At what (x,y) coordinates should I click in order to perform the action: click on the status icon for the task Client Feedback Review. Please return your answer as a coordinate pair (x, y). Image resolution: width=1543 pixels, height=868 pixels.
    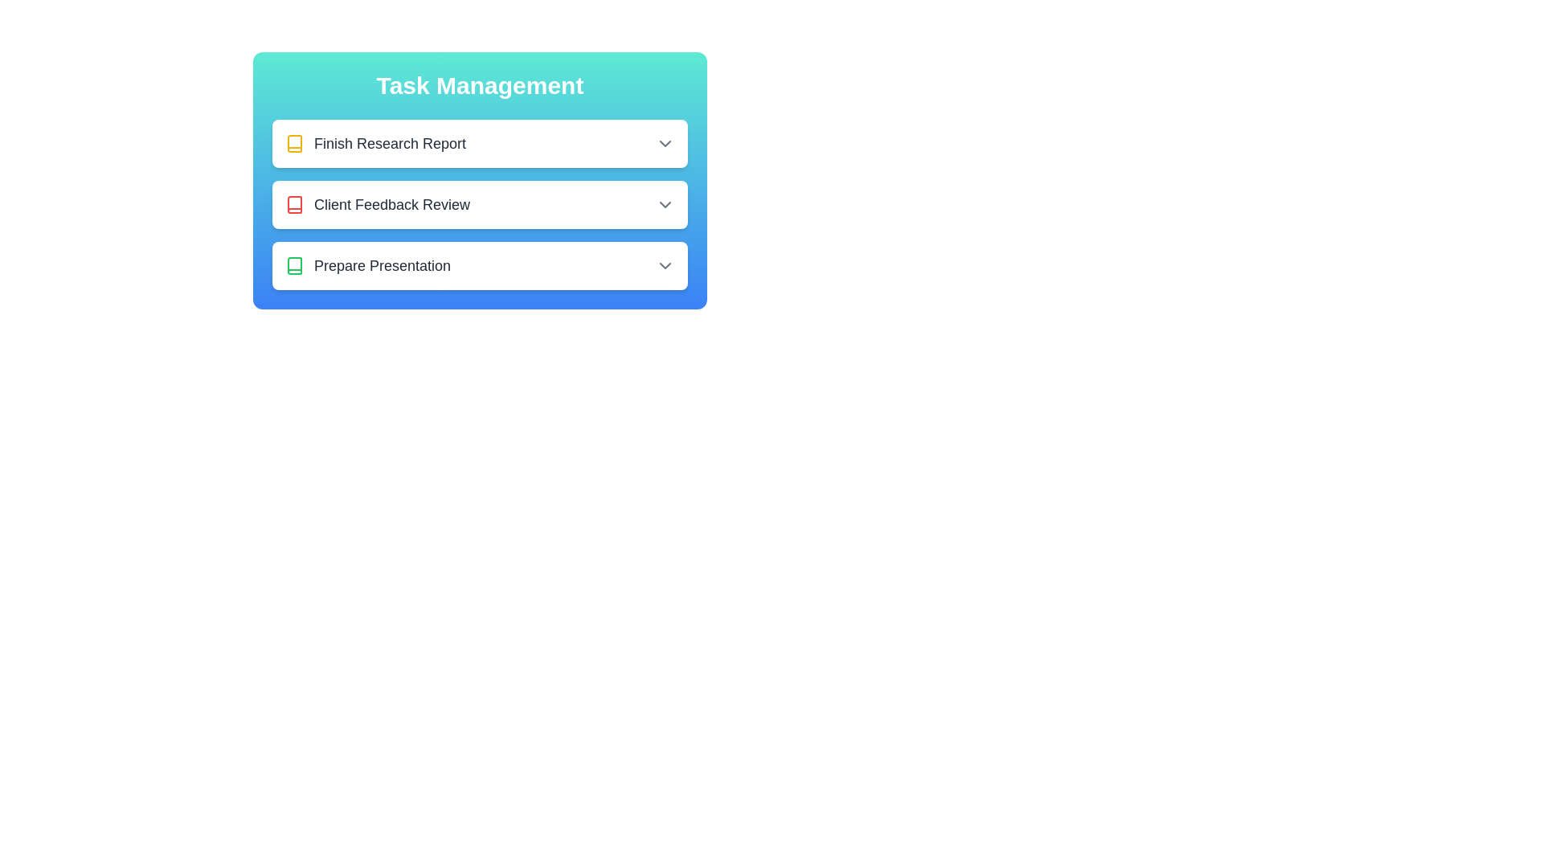
    Looking at the image, I should click on (294, 203).